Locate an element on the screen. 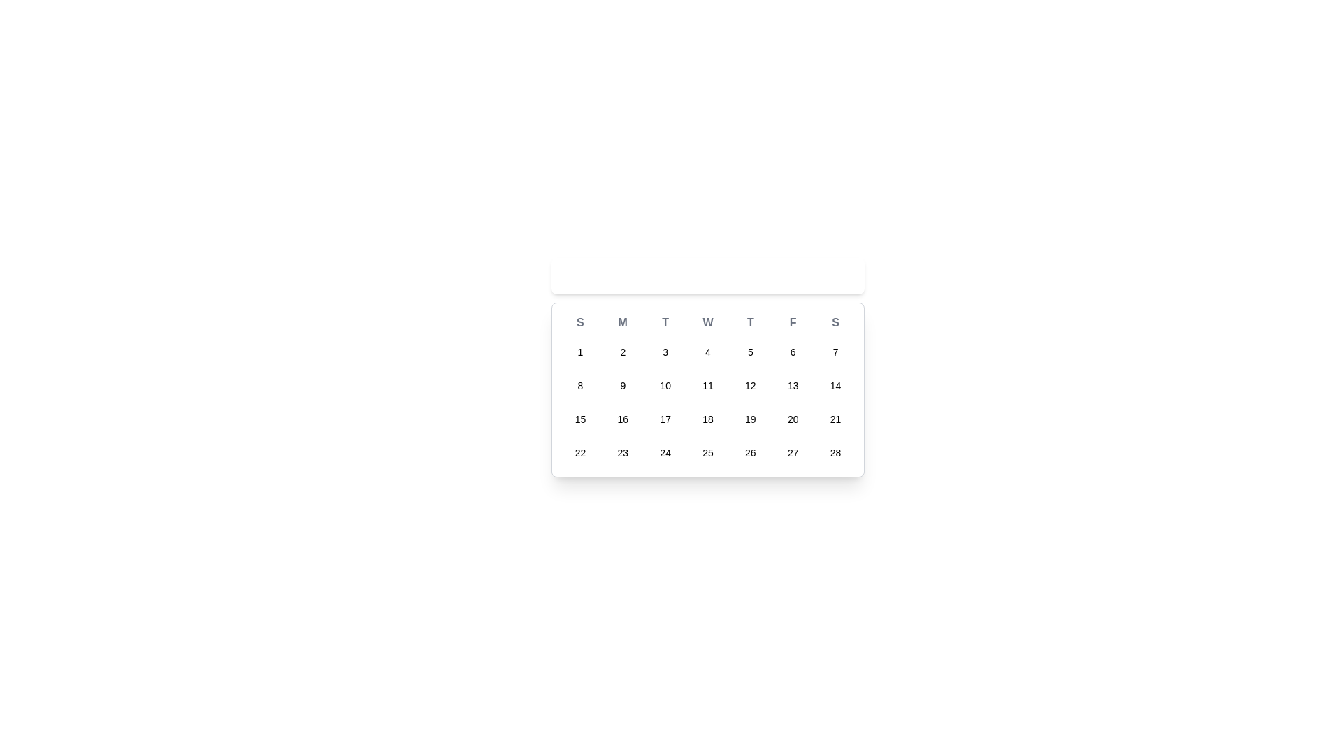  the button representing the day in the calendar located in the second row, sixth column is located at coordinates (749, 385).